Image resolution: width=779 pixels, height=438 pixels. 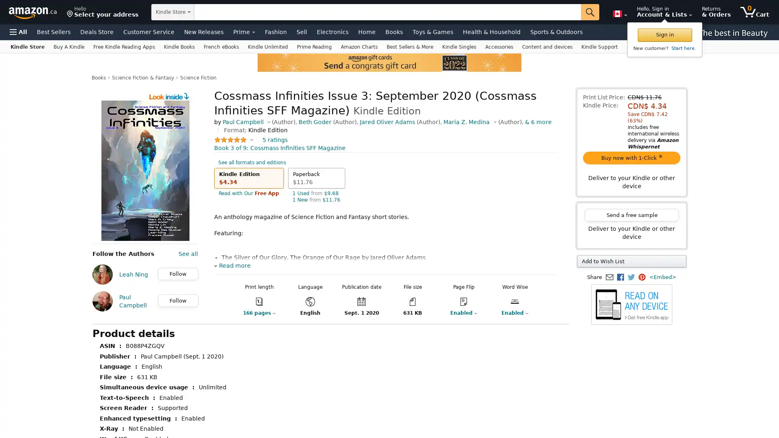 What do you see at coordinates (463, 312) in the screenshot?
I see `Enabled` at bounding box center [463, 312].